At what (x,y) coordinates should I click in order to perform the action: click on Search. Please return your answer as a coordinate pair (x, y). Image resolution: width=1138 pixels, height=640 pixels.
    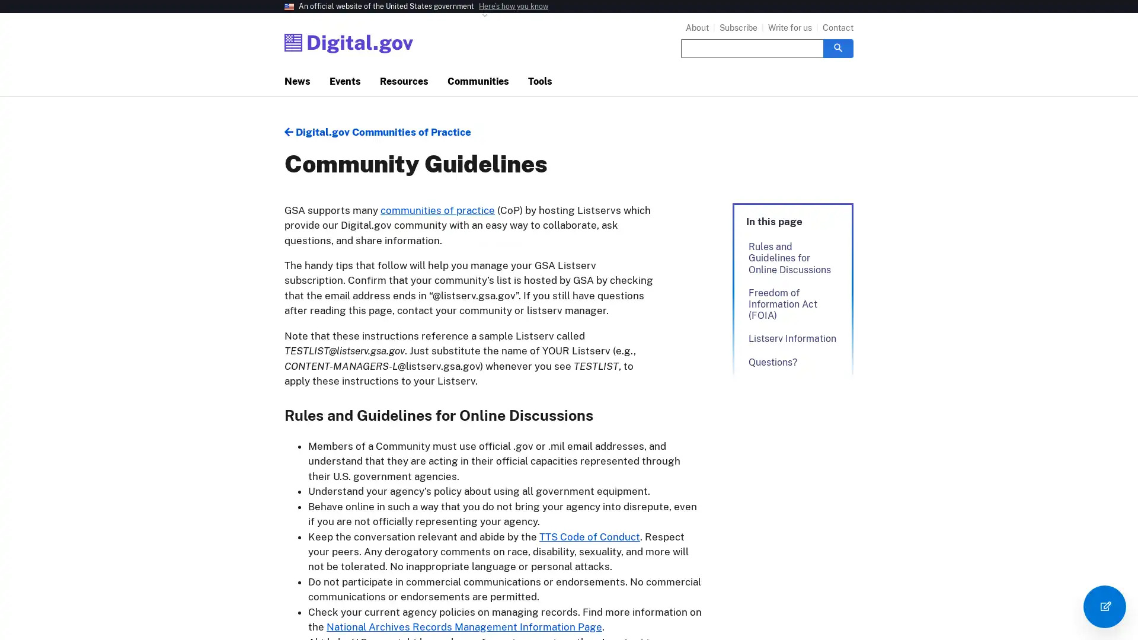
    Looking at the image, I should click on (837, 47).